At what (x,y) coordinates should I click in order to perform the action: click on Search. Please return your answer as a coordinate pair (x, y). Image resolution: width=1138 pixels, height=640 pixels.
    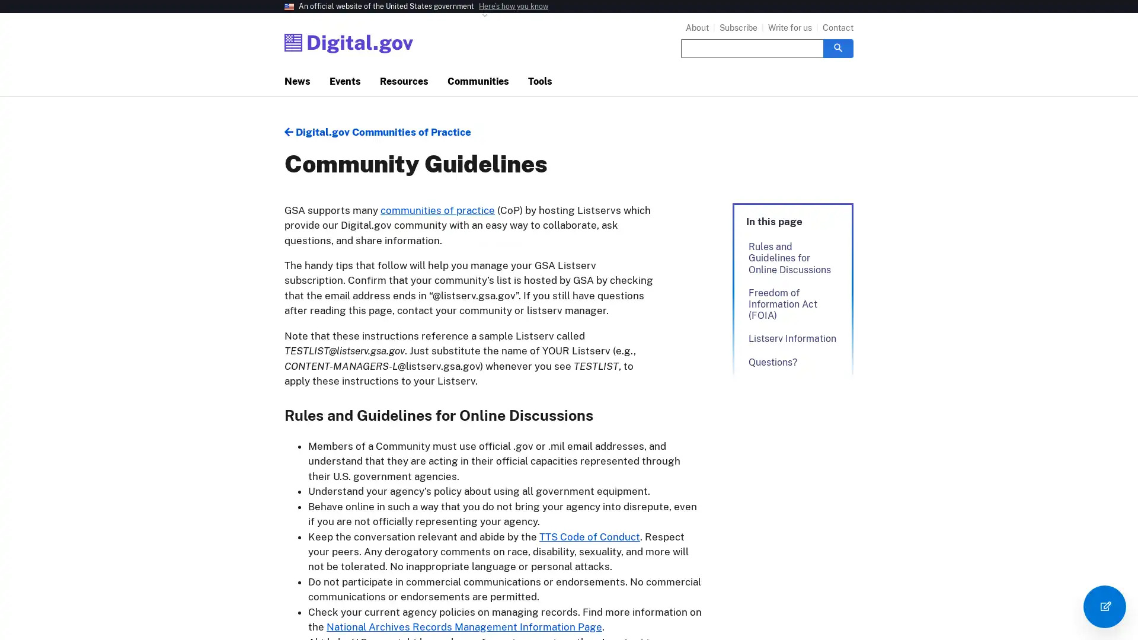
    Looking at the image, I should click on (837, 47).